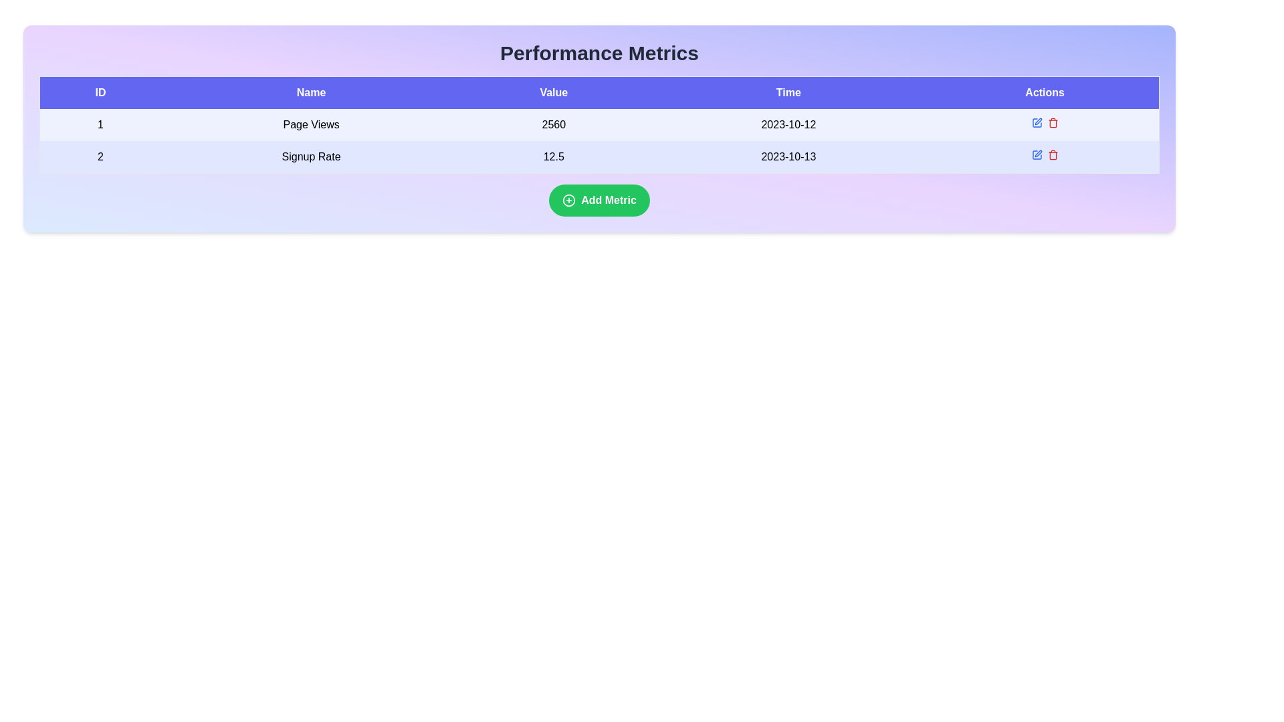 The height and width of the screenshot is (722, 1284). I want to click on the Table Header Cell displaying 'Name' in white text on a purple background, which is the second cell in the header row of the table, so click(310, 92).